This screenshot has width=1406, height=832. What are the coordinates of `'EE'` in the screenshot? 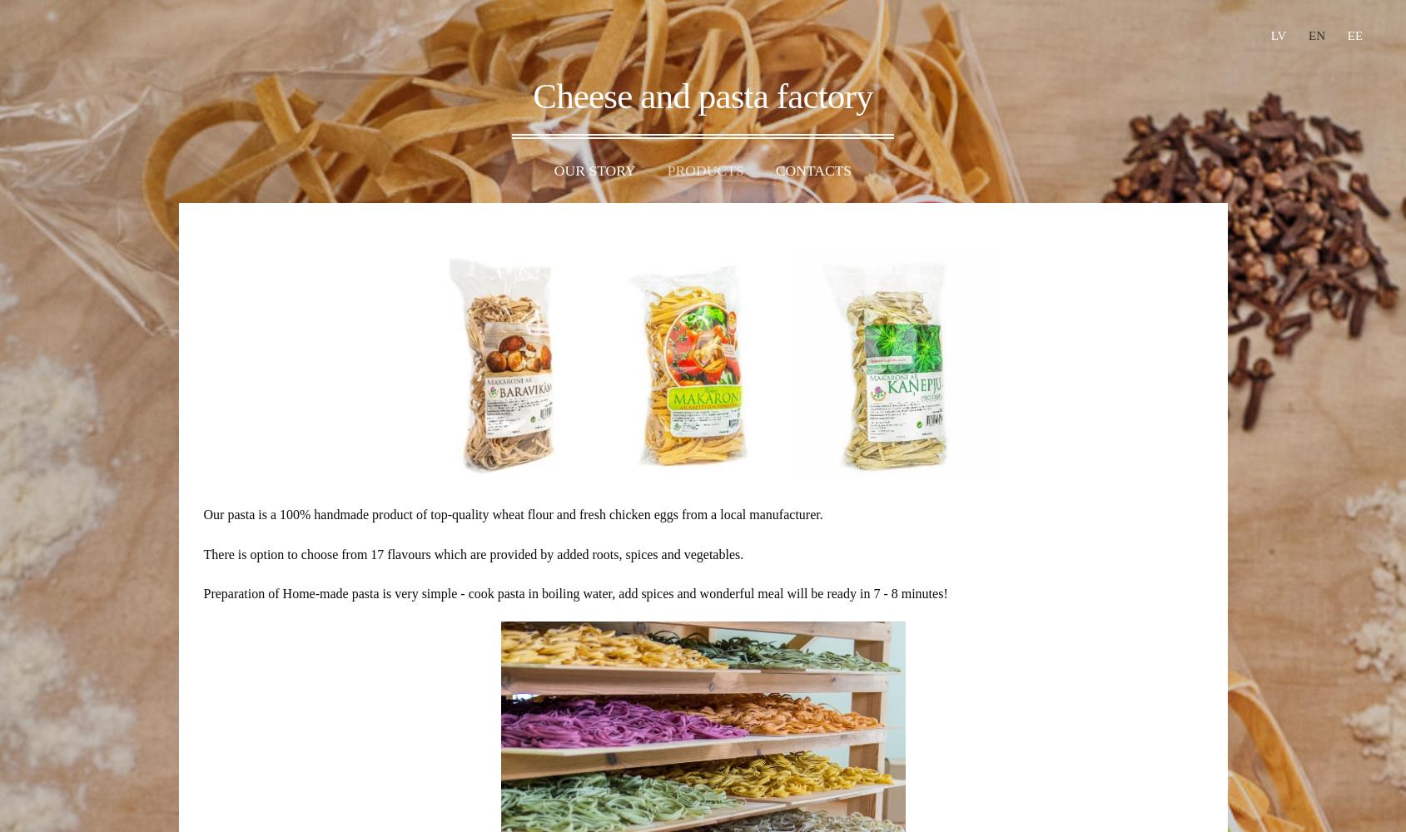 It's located at (1354, 36).